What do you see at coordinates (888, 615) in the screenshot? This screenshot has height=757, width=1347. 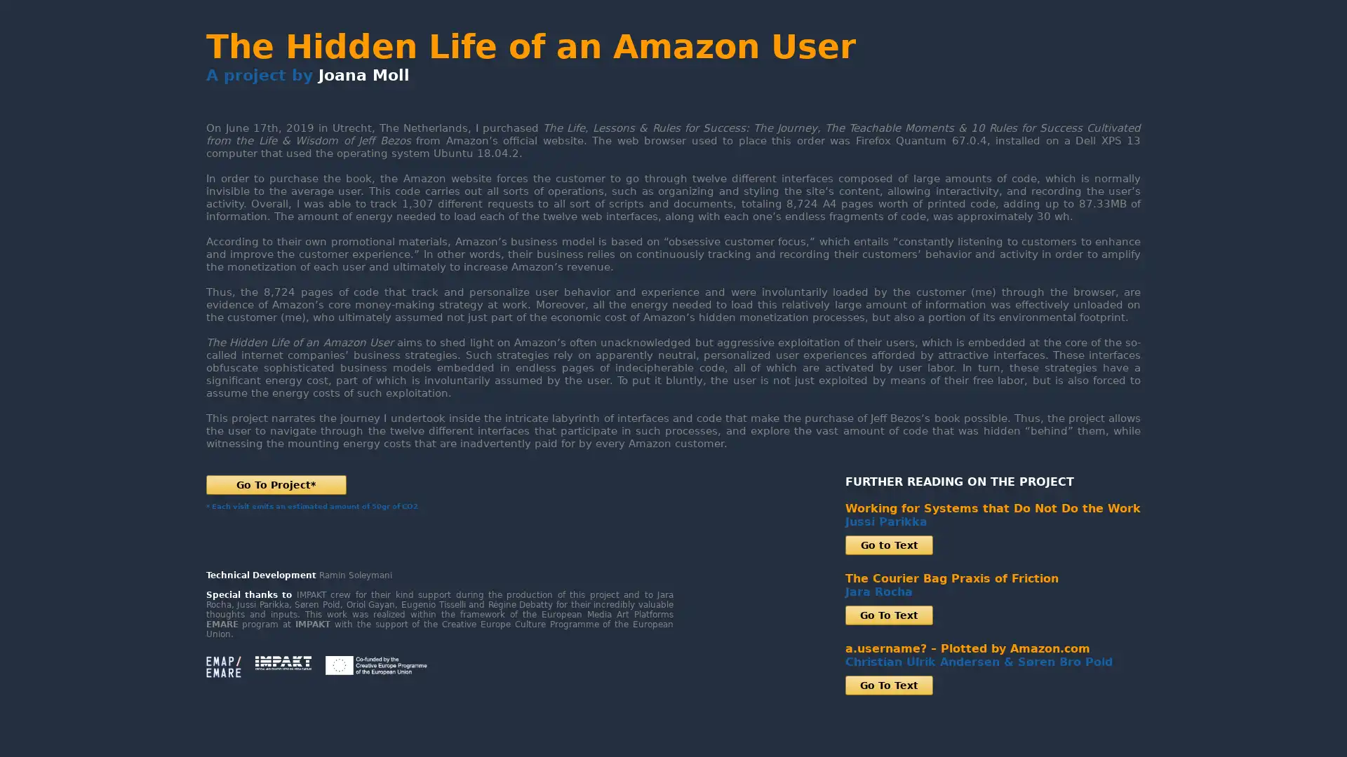 I see `Go To Text` at bounding box center [888, 615].